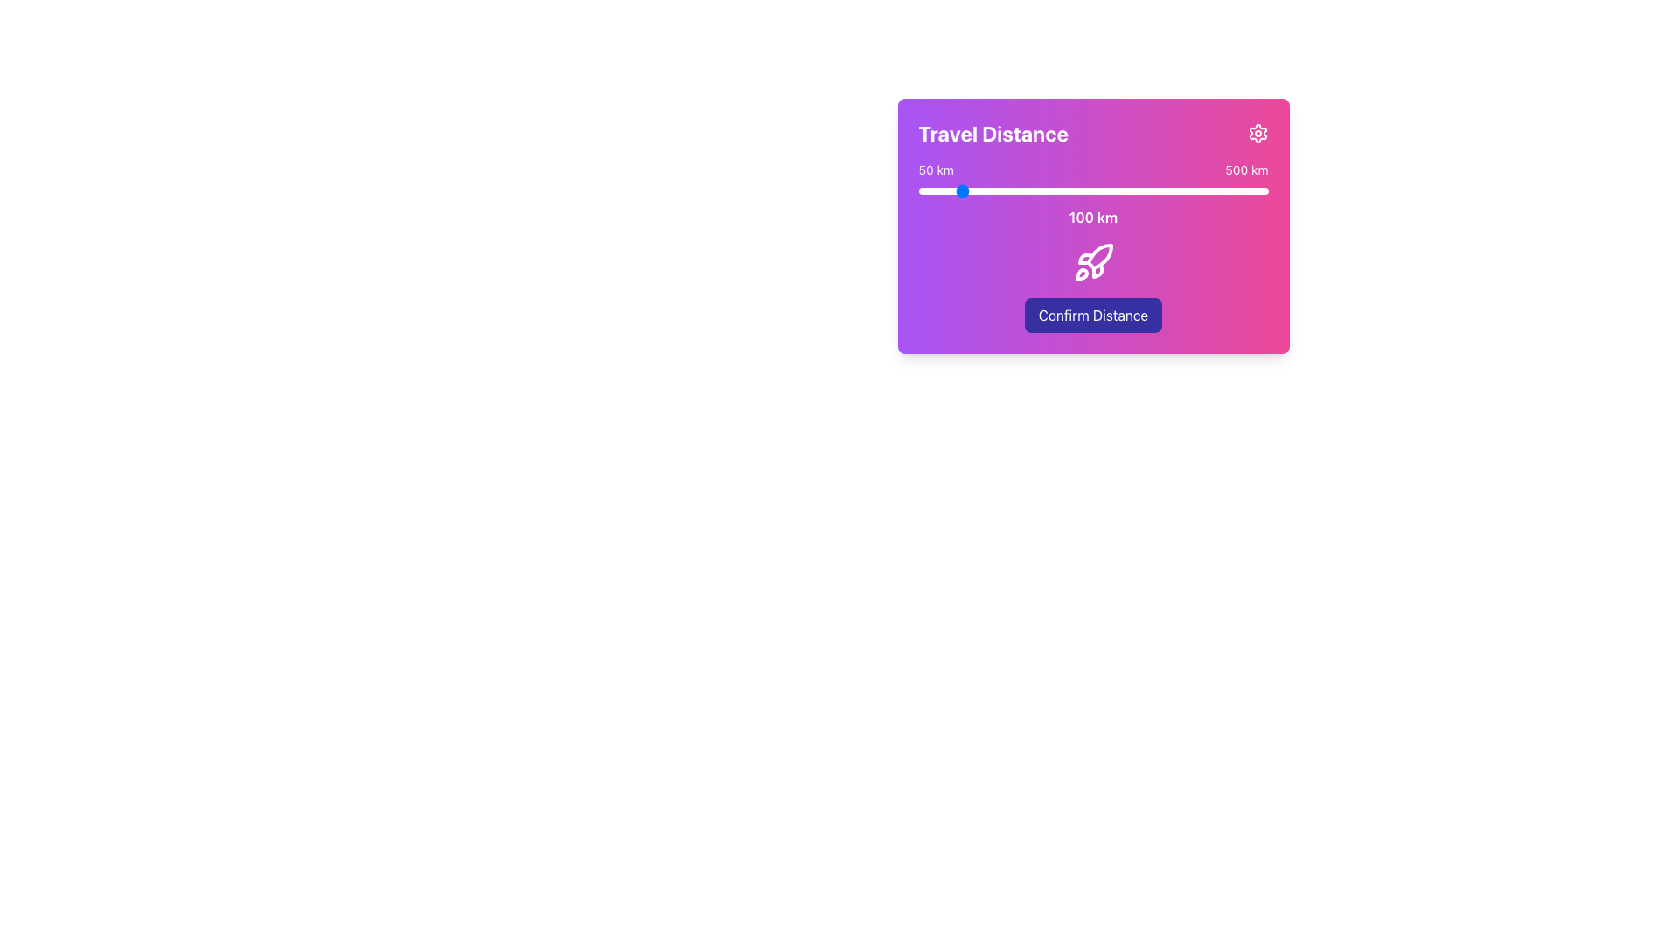 The image size is (1679, 944). Describe the element at coordinates (1111, 191) in the screenshot. I see `the travel distance` at that location.